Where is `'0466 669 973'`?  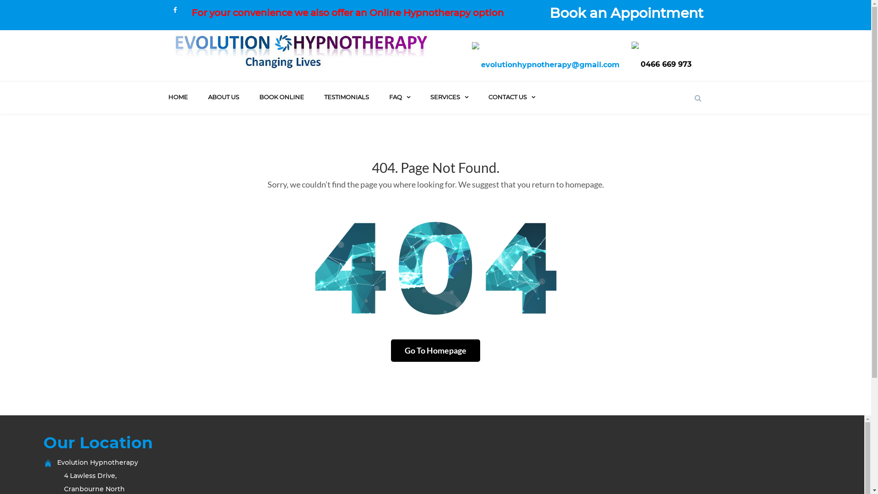
'0466 669 973' is located at coordinates (665, 64).